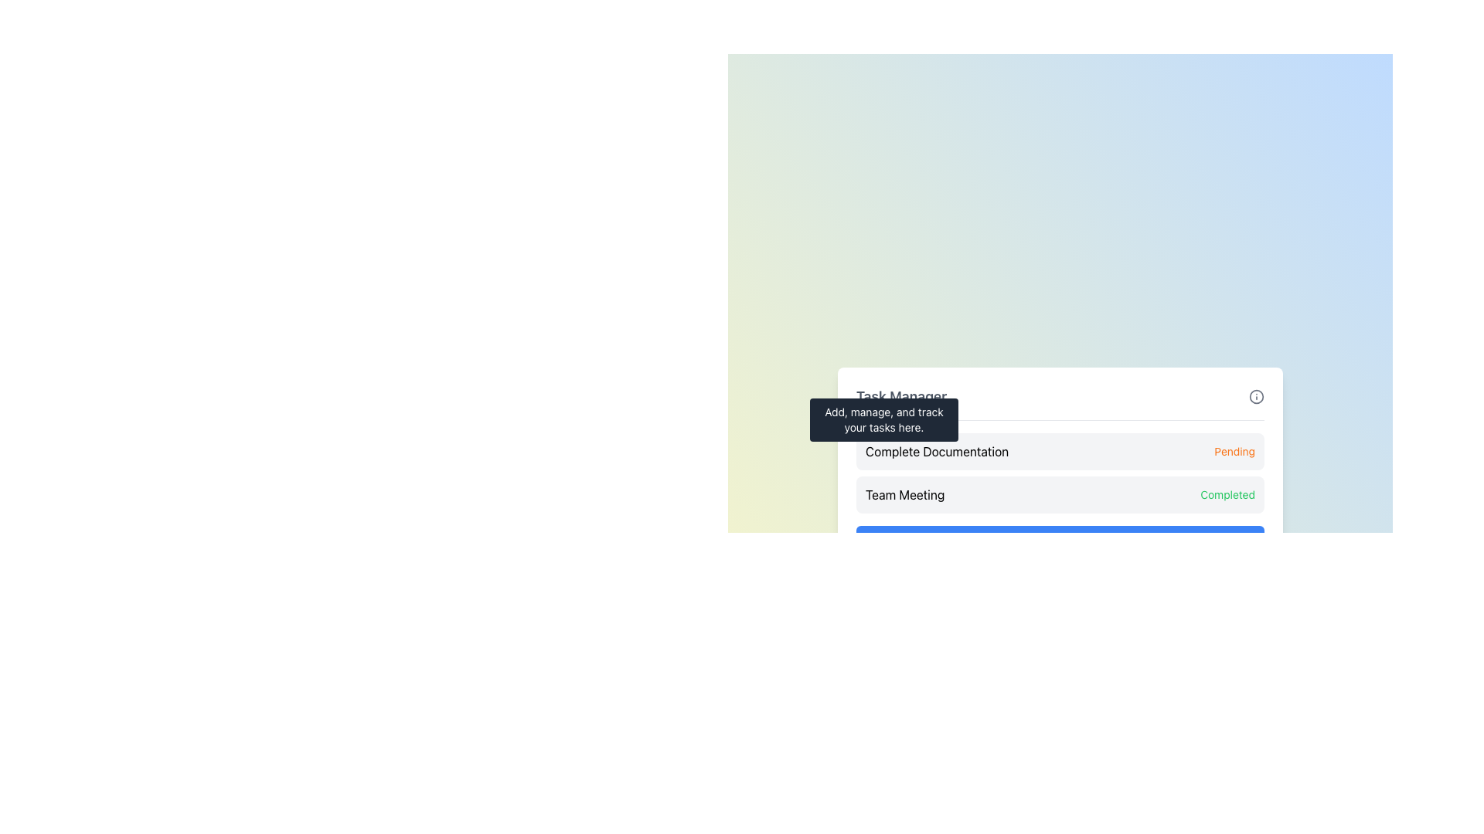 Image resolution: width=1484 pixels, height=834 pixels. Describe the element at coordinates (1227, 494) in the screenshot. I see `the Status indicator text displaying 'Completed' in green, which indicates the completion status of the 'Team Meeting' task` at that location.